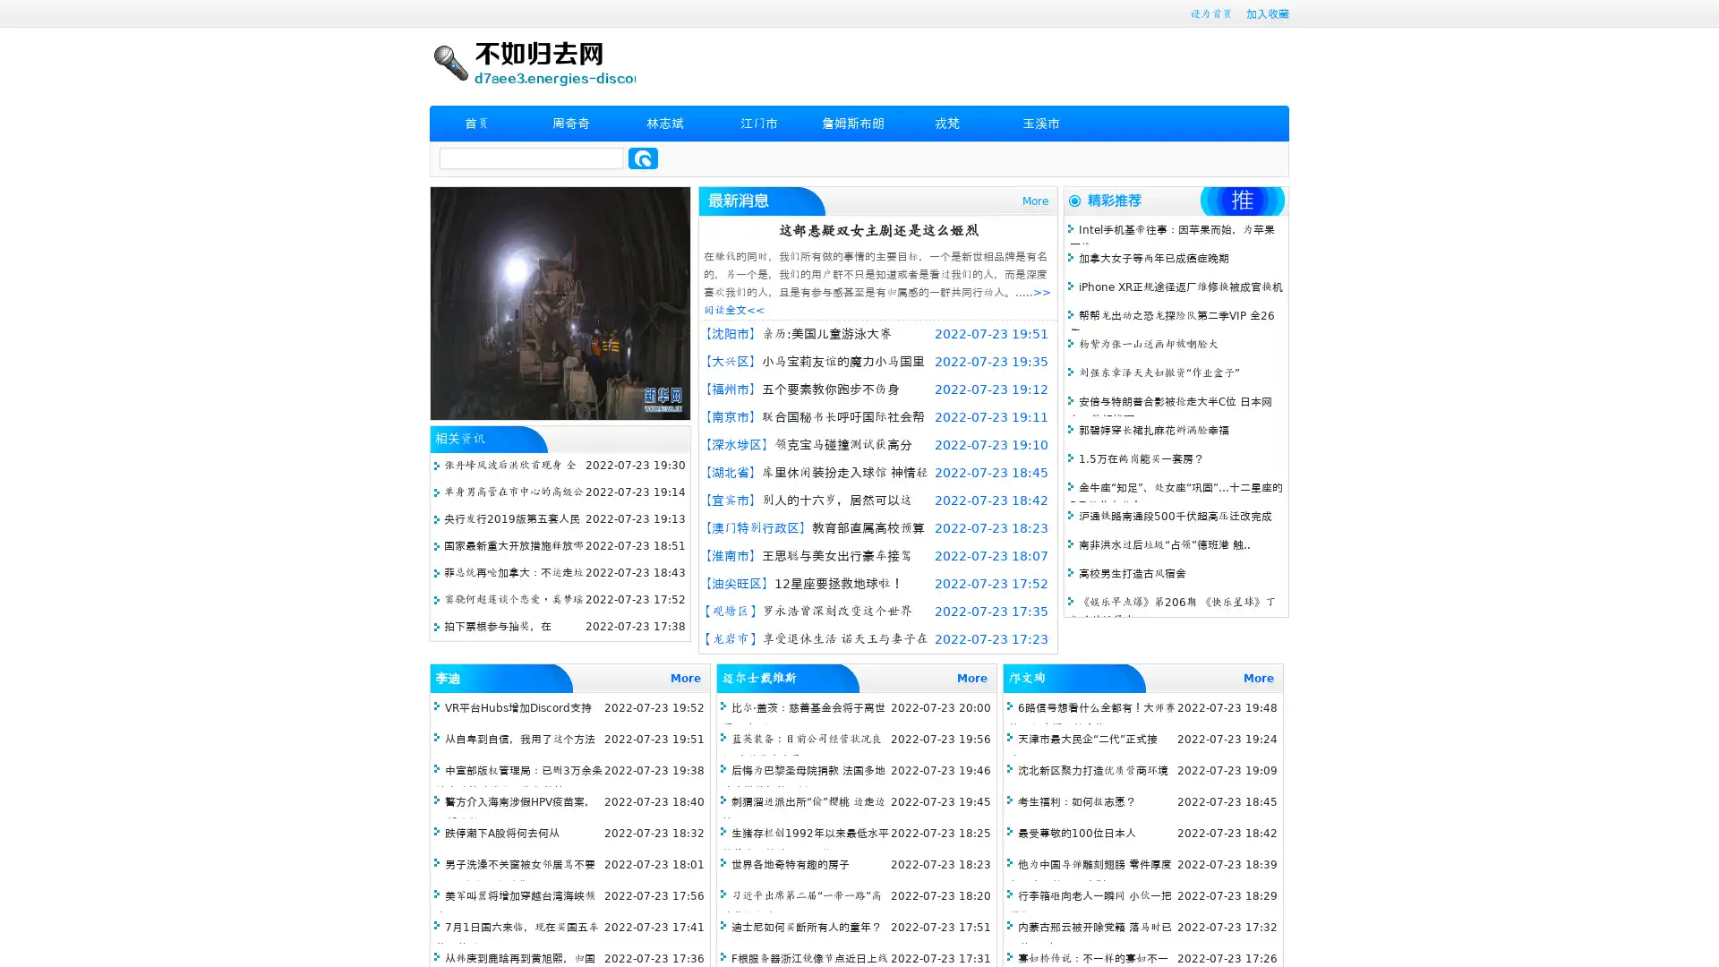 The width and height of the screenshot is (1719, 967). Describe the element at coordinates (643, 158) in the screenshot. I see `Search` at that location.